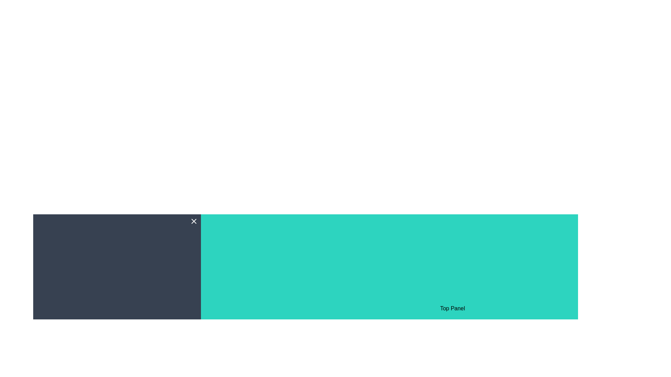  I want to click on the close icon button, which resembles an 'X' and is located in the upper-right corner of the 'Left Panel', so click(194, 221).